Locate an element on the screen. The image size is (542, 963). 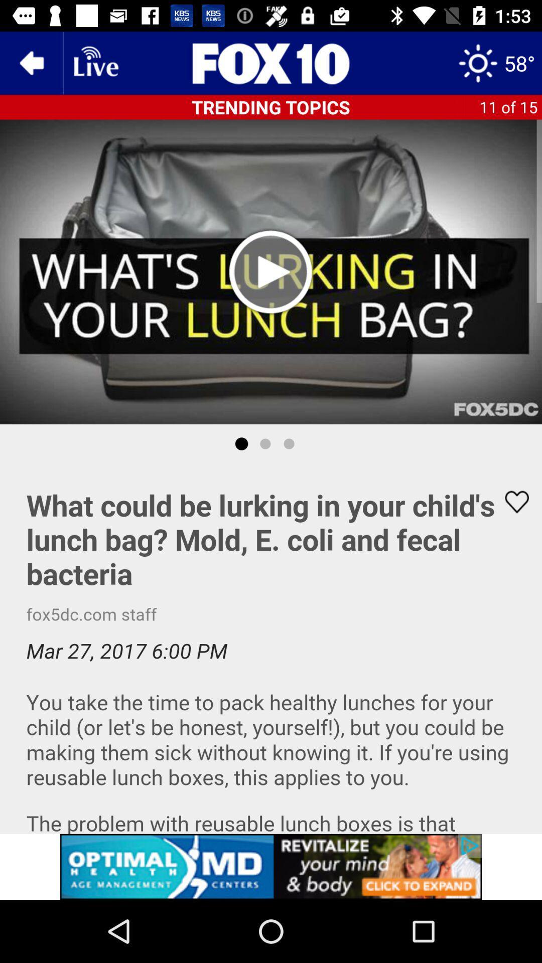
wifi pega is located at coordinates (95, 62).